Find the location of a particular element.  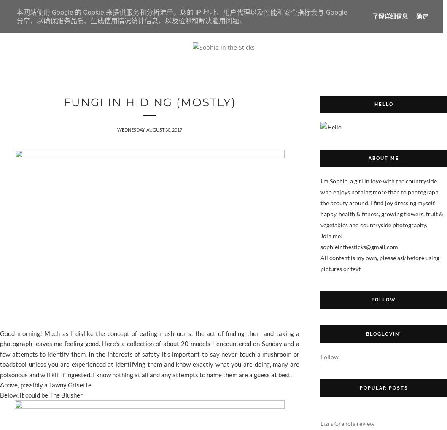

'About me' is located at coordinates (383, 157).